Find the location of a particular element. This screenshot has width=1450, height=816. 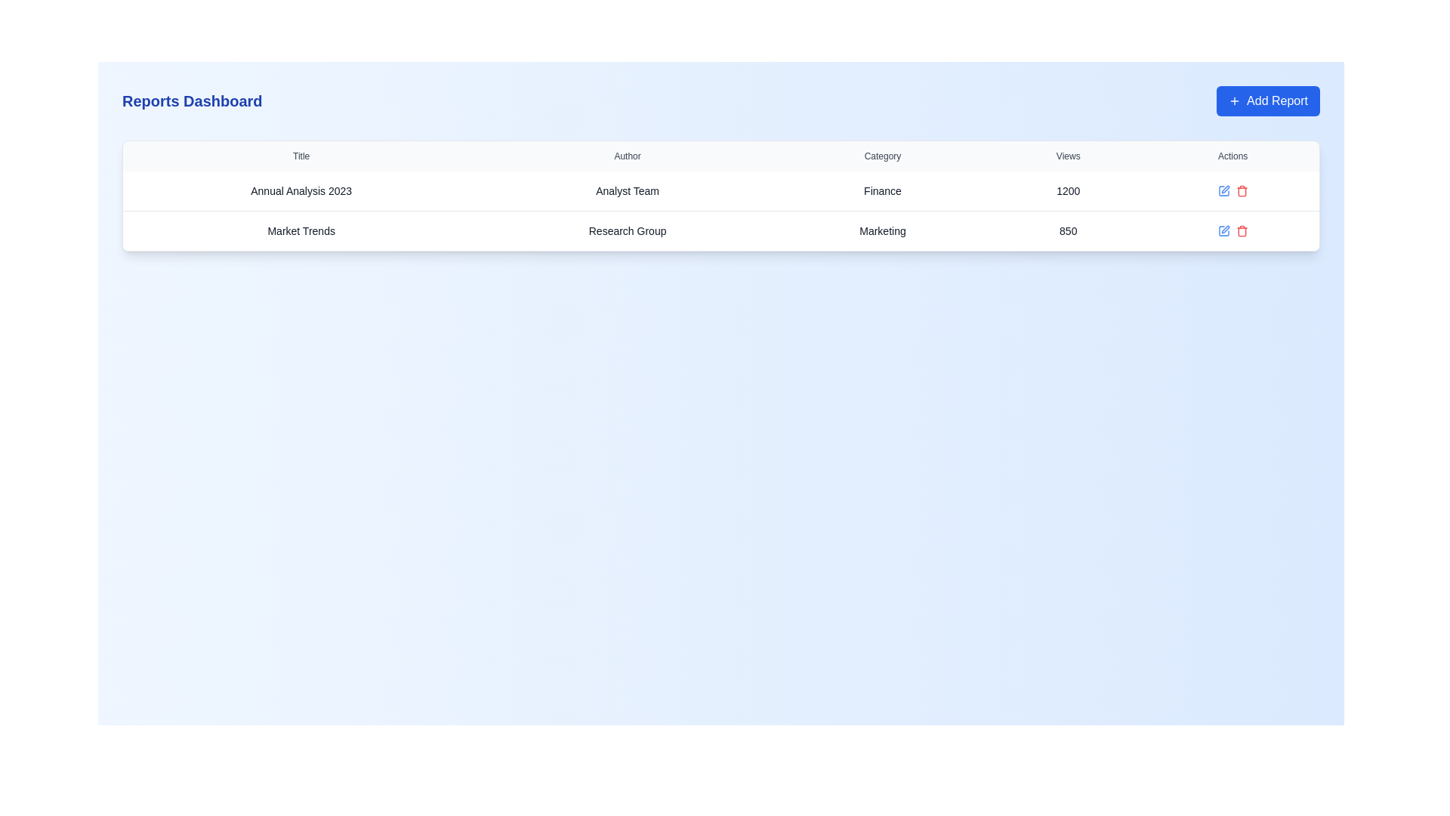

the blue edit icon located in the 'Actions' column of the first data row within the table is located at coordinates (1232, 190).